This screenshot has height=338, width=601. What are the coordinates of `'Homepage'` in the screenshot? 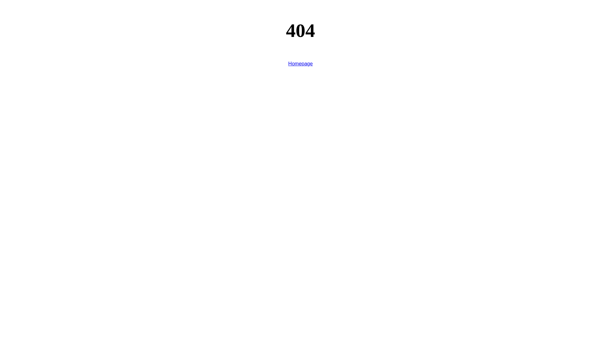 It's located at (300, 64).